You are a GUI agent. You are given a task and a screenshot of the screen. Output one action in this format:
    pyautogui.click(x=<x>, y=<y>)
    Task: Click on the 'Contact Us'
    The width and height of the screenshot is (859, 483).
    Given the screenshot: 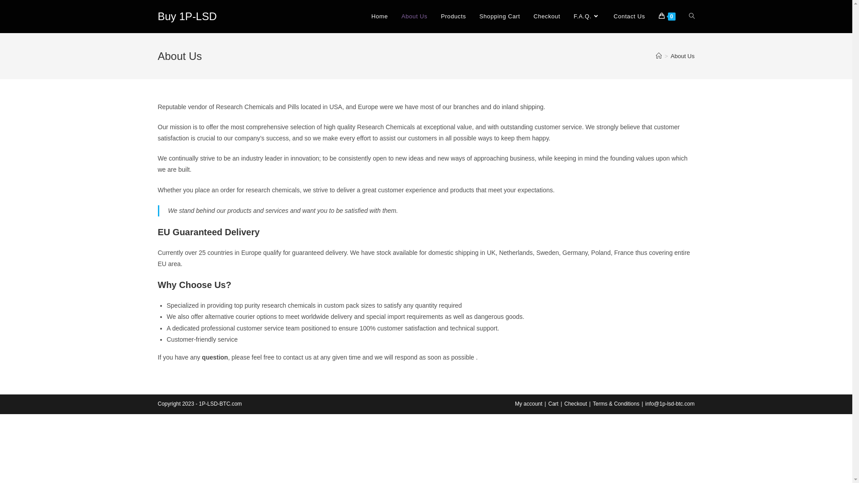 What is the action you would take?
    pyautogui.click(x=607, y=17)
    